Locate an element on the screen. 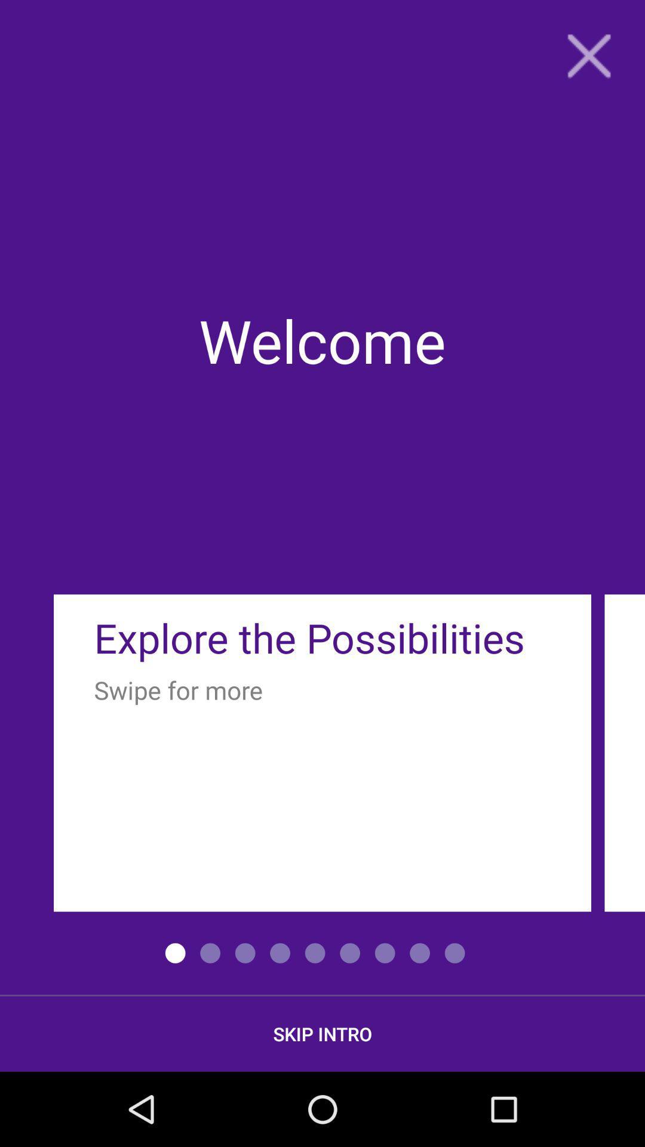  the fifth option above skip intro is located at coordinates (315, 953).